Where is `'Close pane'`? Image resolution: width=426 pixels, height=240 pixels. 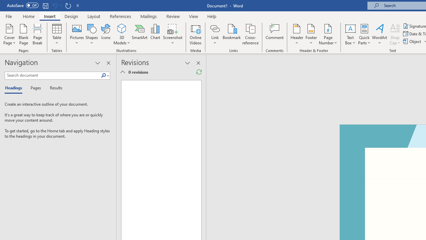
'Close pane' is located at coordinates (108, 63).